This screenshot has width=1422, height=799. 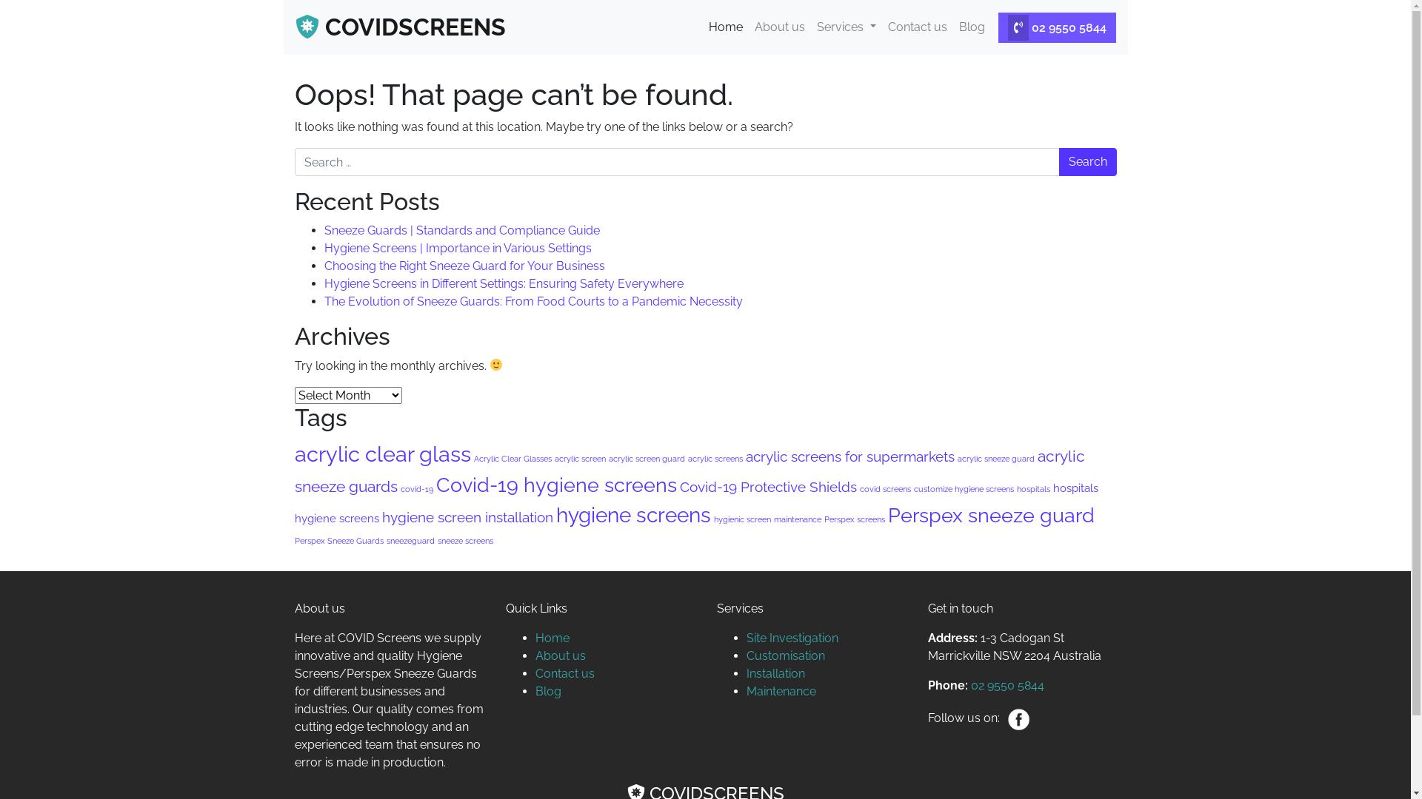 What do you see at coordinates (742, 519) in the screenshot?
I see `'hygienic screen'` at bounding box center [742, 519].